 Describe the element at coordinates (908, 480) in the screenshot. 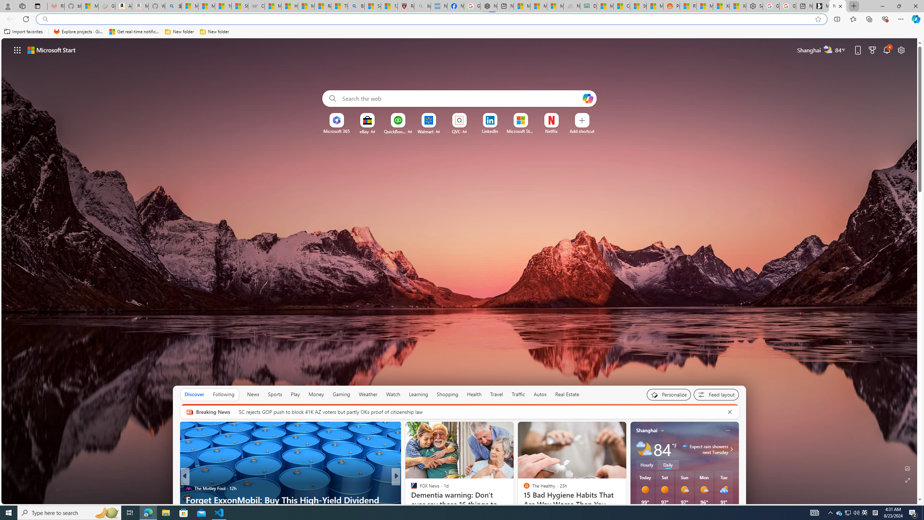

I see `'Expand background'` at that location.